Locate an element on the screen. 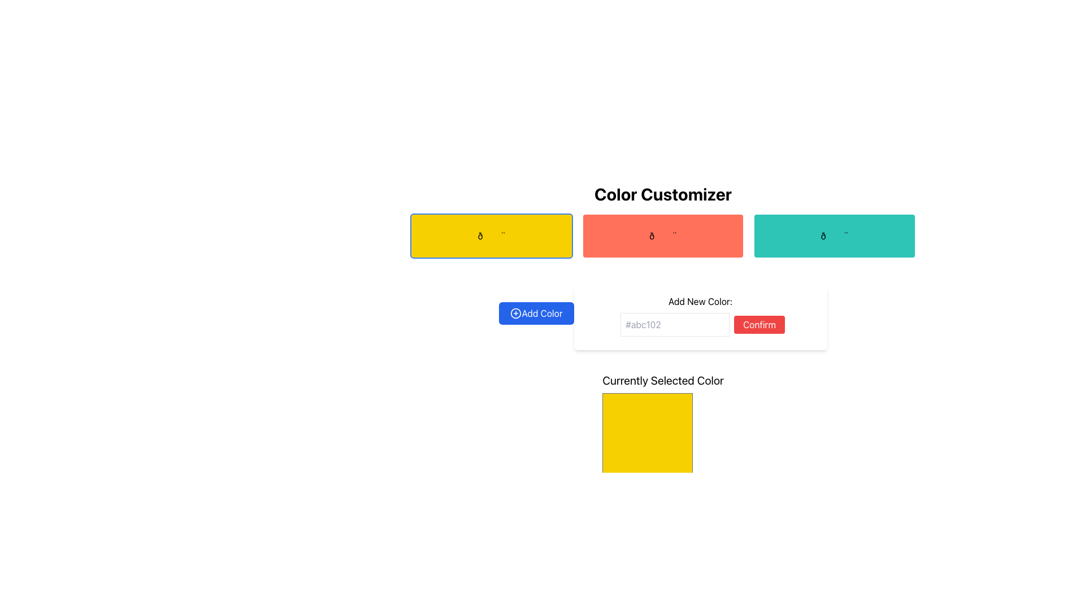  the circular icon with a light blue background that contains a plus sign, located within the 'Add Color' button is located at coordinates (515, 313).